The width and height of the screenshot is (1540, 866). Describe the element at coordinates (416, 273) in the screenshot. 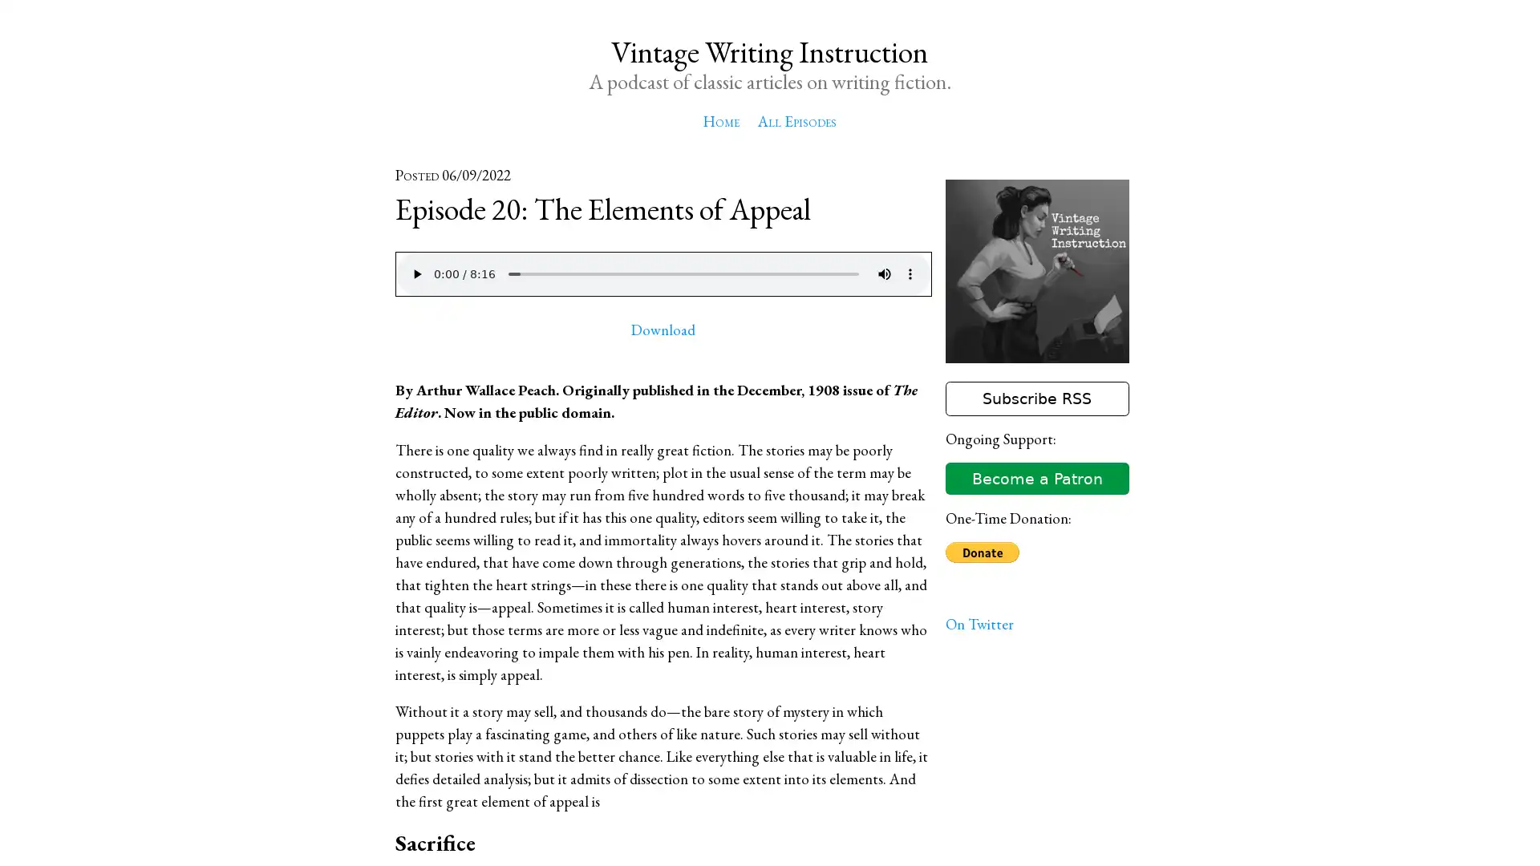

I see `play` at that location.